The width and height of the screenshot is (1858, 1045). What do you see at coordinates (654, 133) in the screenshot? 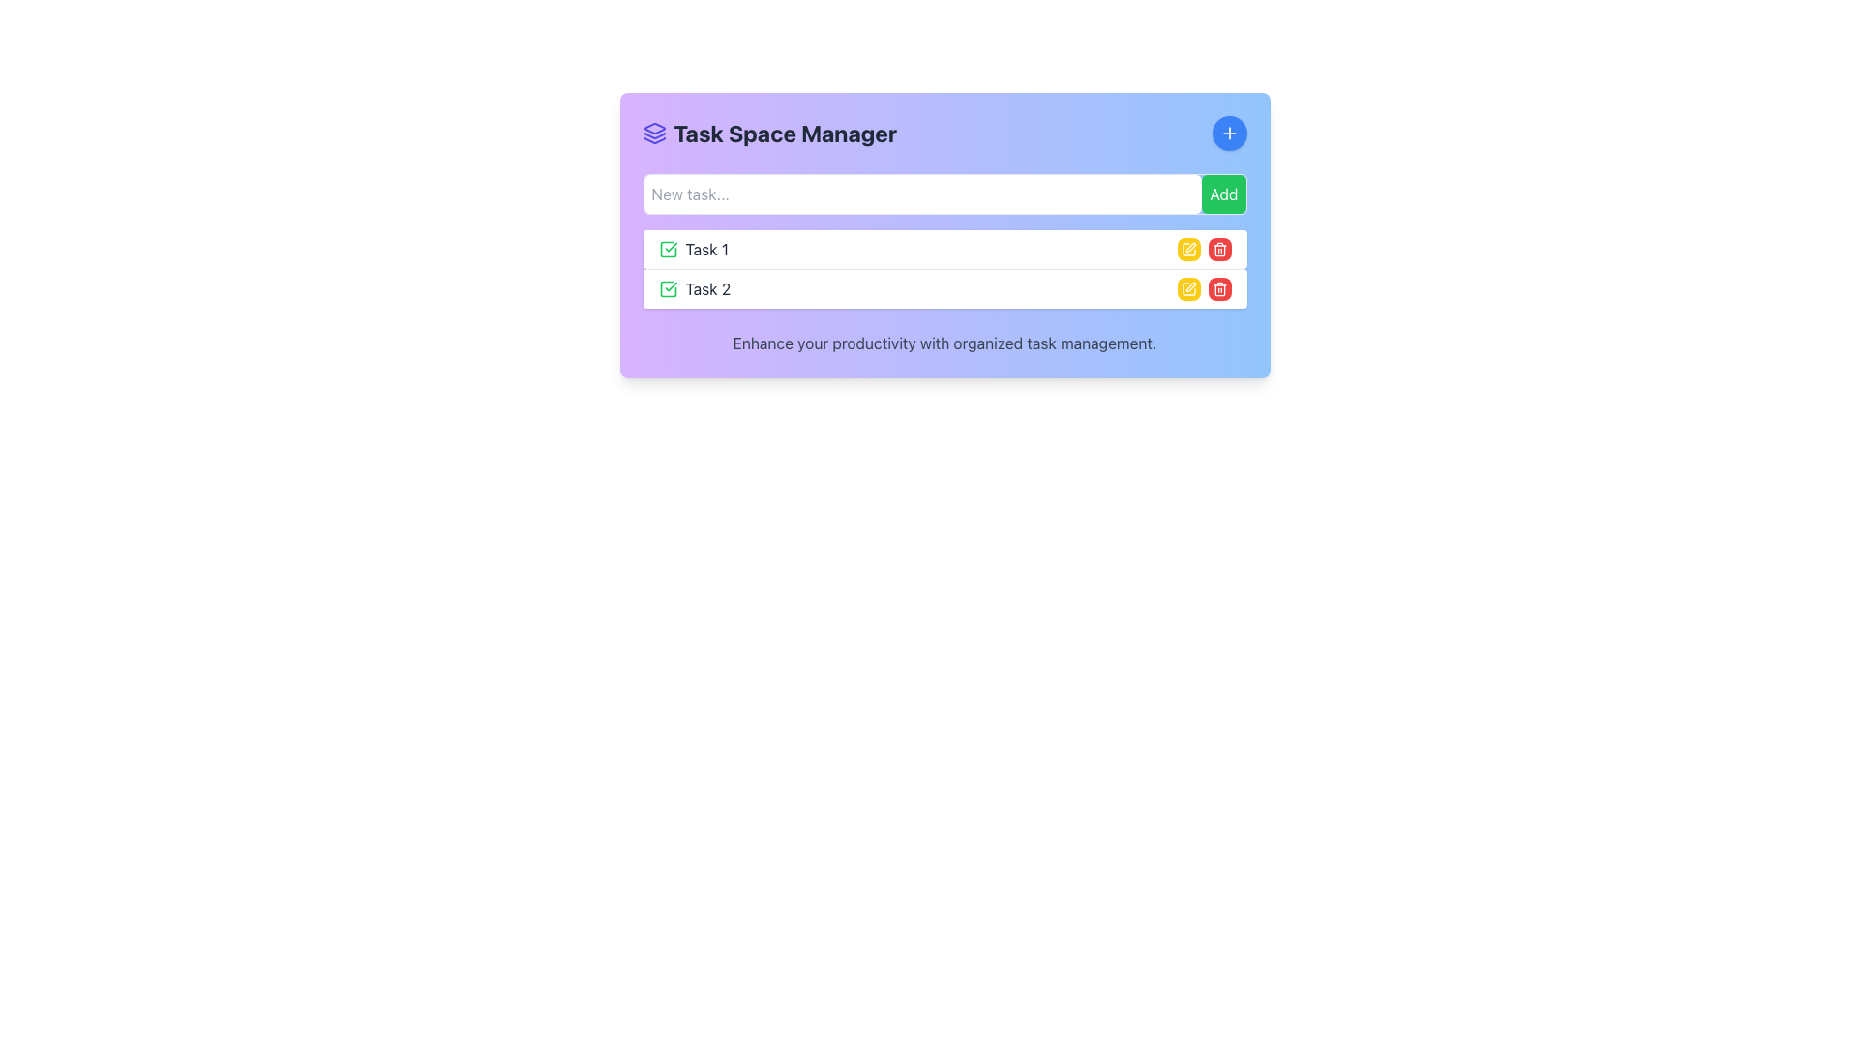
I see `the application icon located at the top-left corner of the task manager box, which is immediately to the left of the 'Task Space Manager' text` at bounding box center [654, 133].